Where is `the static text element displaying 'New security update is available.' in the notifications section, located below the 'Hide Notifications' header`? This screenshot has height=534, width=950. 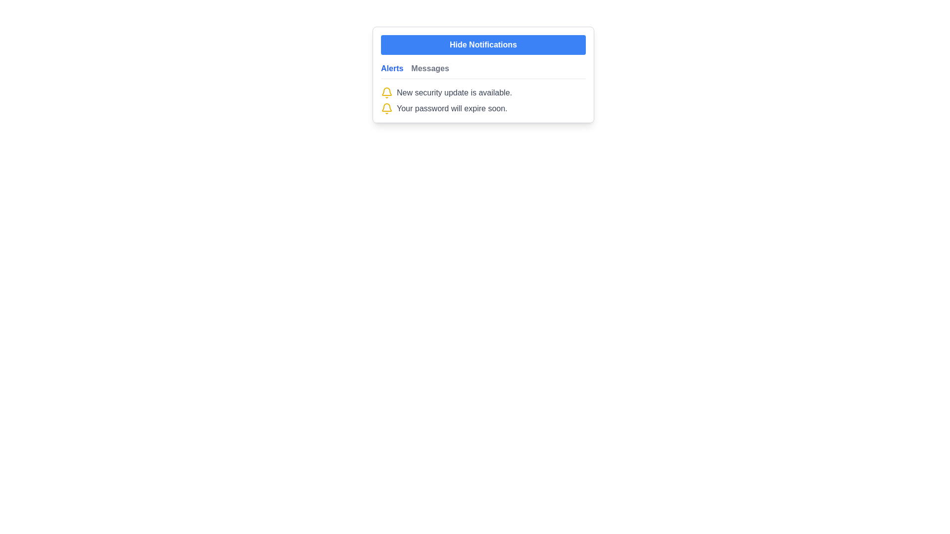
the static text element displaying 'New security update is available.' in the notifications section, located below the 'Hide Notifications' header is located at coordinates (454, 93).